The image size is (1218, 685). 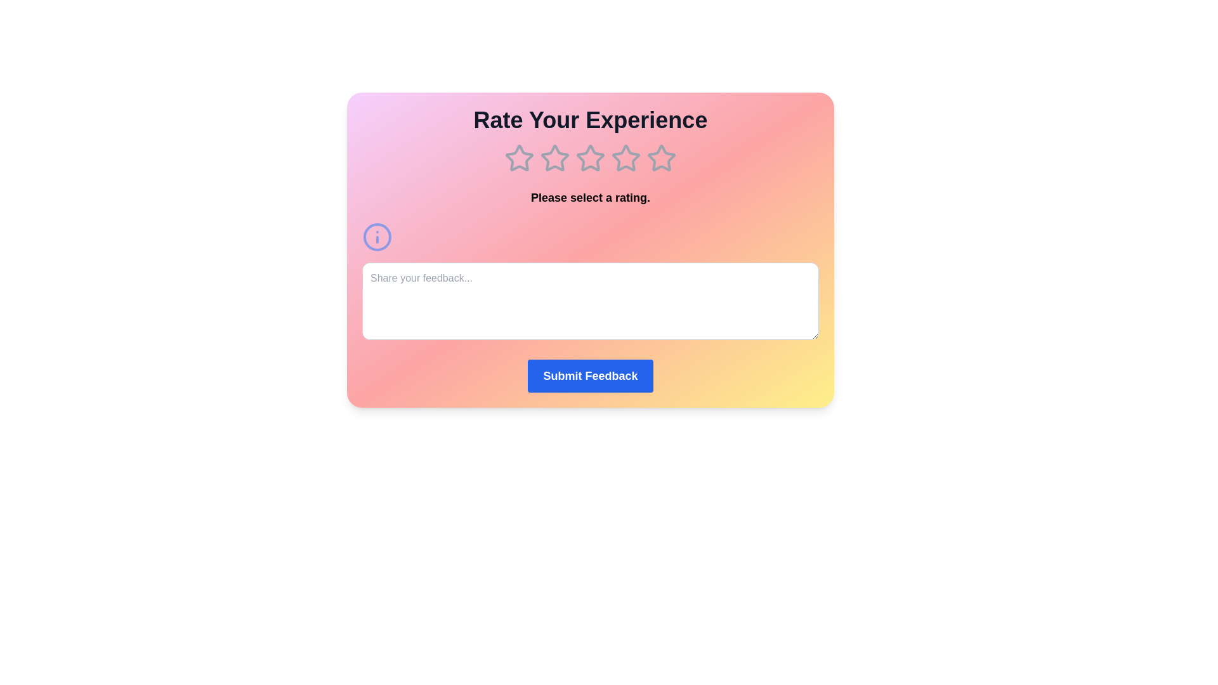 What do you see at coordinates (660, 158) in the screenshot?
I see `the 5 star in the rating component` at bounding box center [660, 158].